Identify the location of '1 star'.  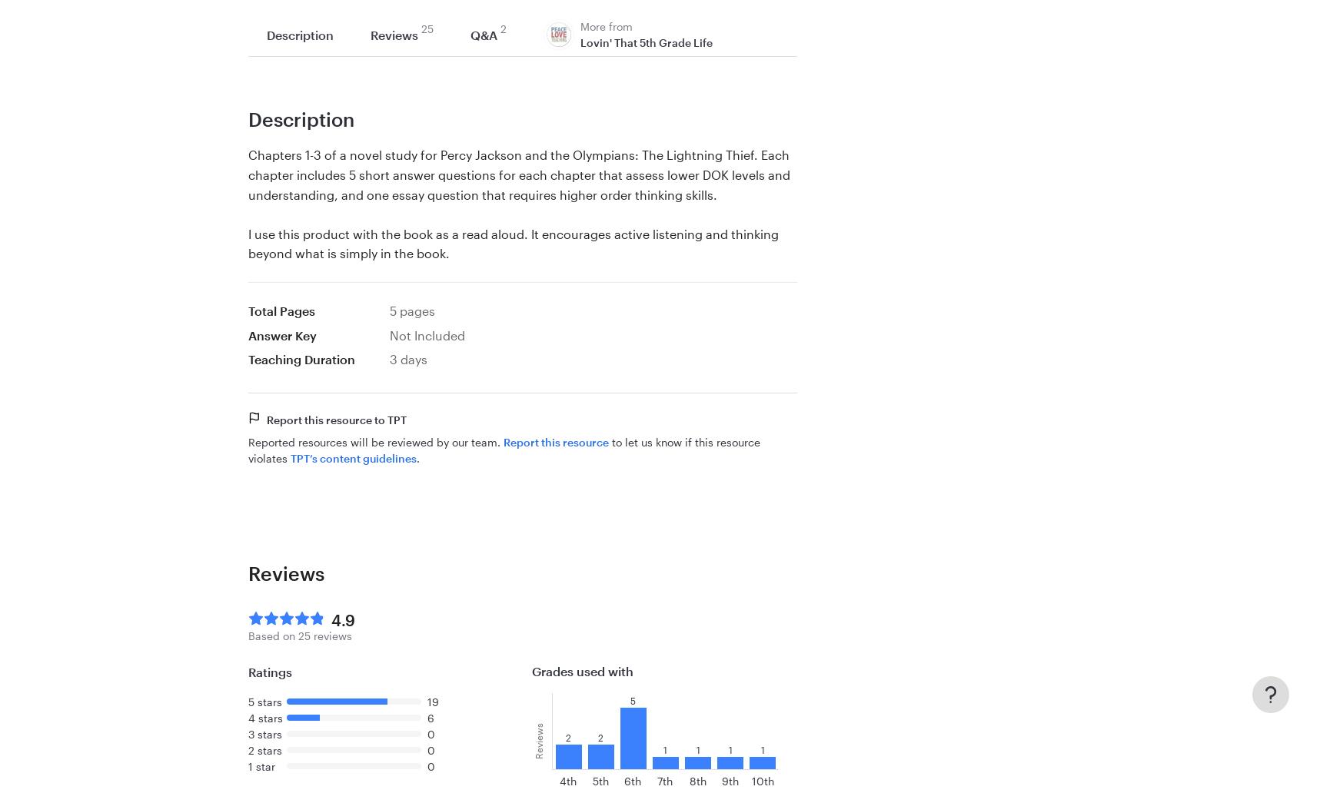
(261, 765).